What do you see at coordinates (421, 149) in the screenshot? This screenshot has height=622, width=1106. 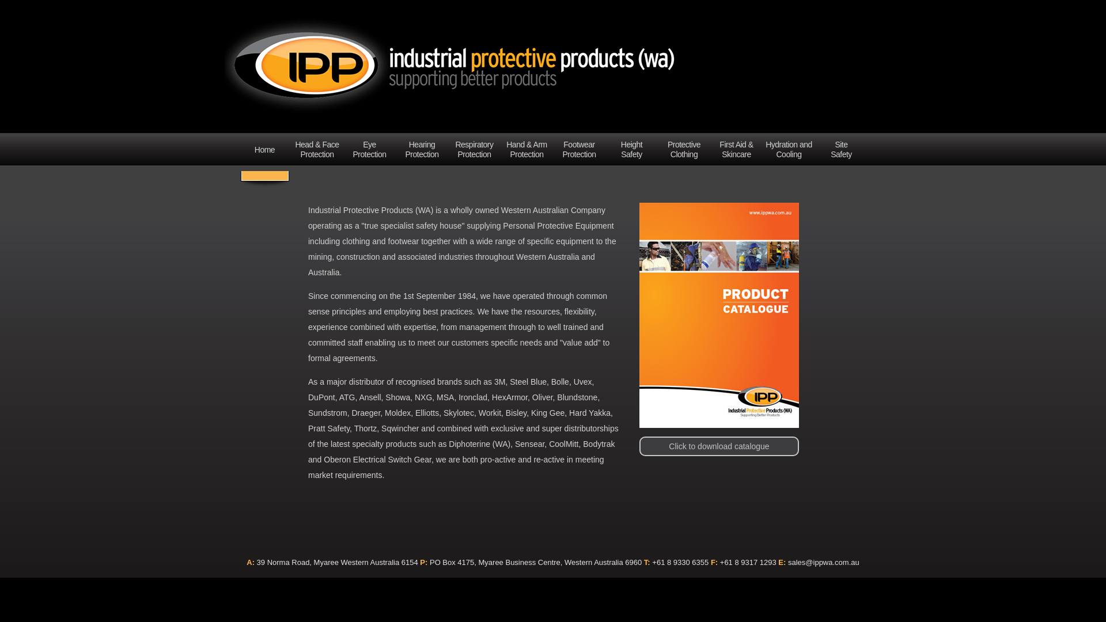 I see `'Hearing Protection'` at bounding box center [421, 149].